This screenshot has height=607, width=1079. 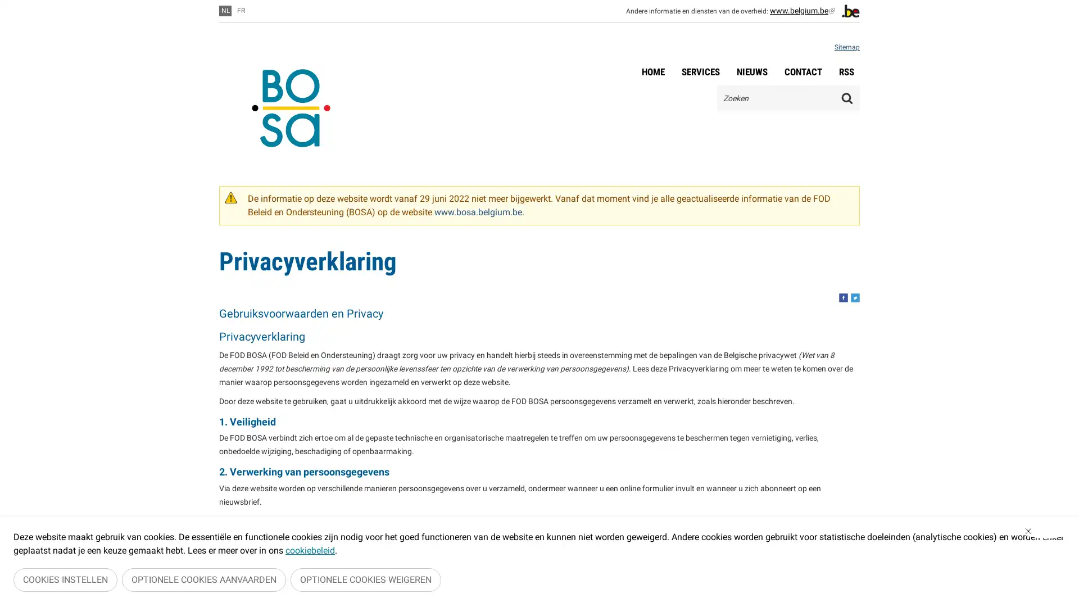 What do you see at coordinates (854, 297) in the screenshot?
I see `Share this, twitter. This button opens a new window` at bounding box center [854, 297].